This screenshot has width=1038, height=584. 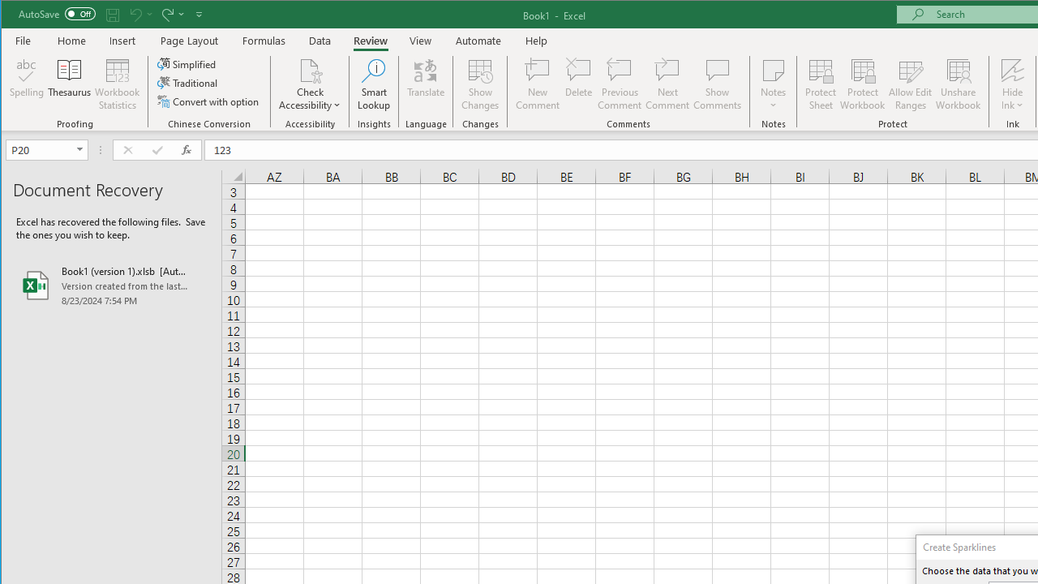 I want to click on 'Notes', so click(x=773, y=84).